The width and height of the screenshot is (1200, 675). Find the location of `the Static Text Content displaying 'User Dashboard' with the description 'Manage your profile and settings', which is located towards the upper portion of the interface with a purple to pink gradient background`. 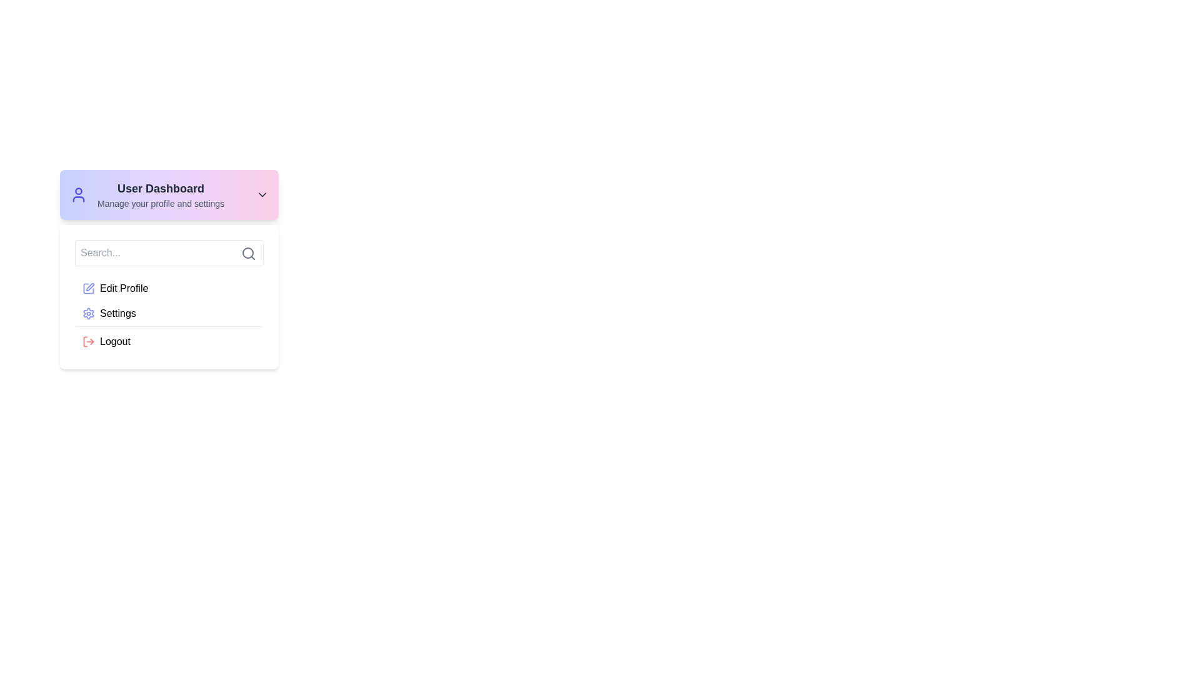

the Static Text Content displaying 'User Dashboard' with the description 'Manage your profile and settings', which is located towards the upper portion of the interface with a purple to pink gradient background is located at coordinates (160, 195).